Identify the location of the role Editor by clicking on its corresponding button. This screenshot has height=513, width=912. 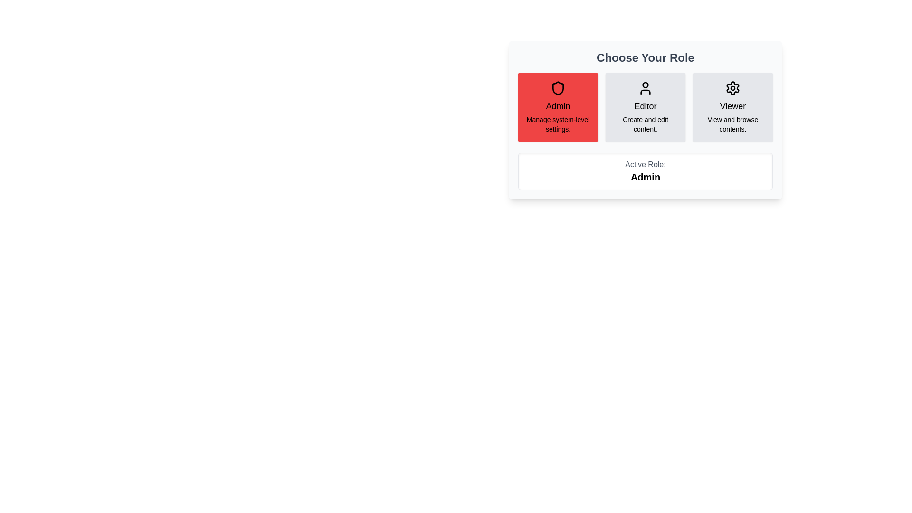
(645, 107).